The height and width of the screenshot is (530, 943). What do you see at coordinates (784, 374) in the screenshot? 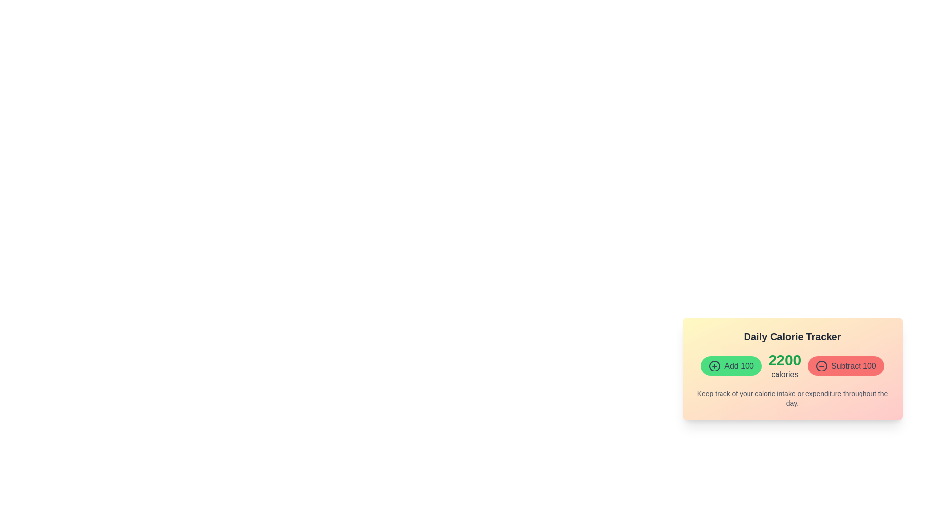
I see `text content of the label indicating the unit of measure for the calorie count displayed in the 'Daily Calorie Tracker' section, located below the bold green text '2200'` at bounding box center [784, 374].